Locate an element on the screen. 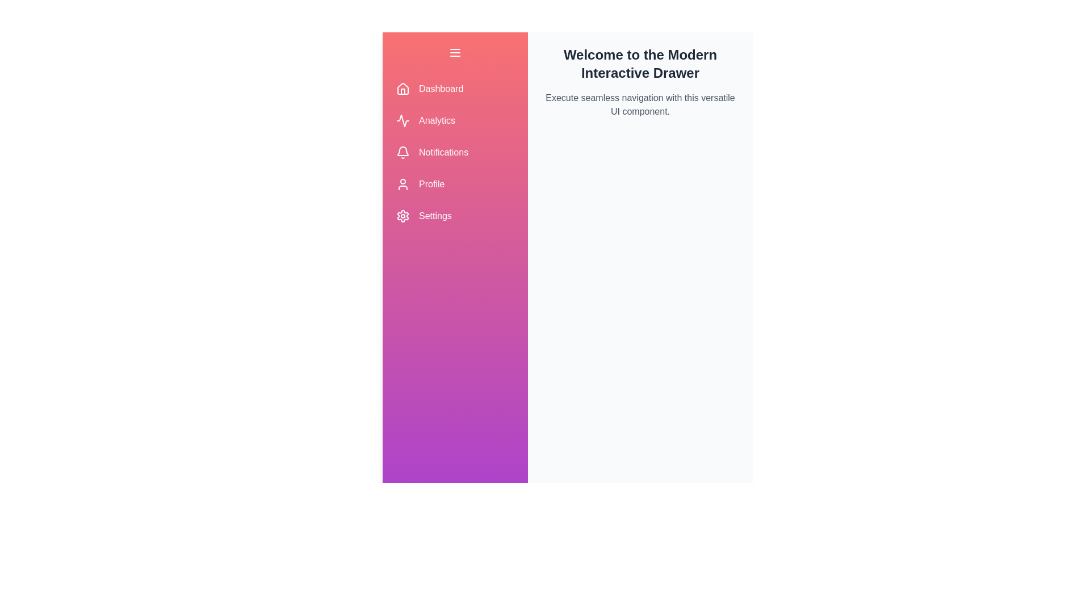 The width and height of the screenshot is (1090, 613). the navigation item labeled 'Settings' to observe visual changes is located at coordinates (455, 216).